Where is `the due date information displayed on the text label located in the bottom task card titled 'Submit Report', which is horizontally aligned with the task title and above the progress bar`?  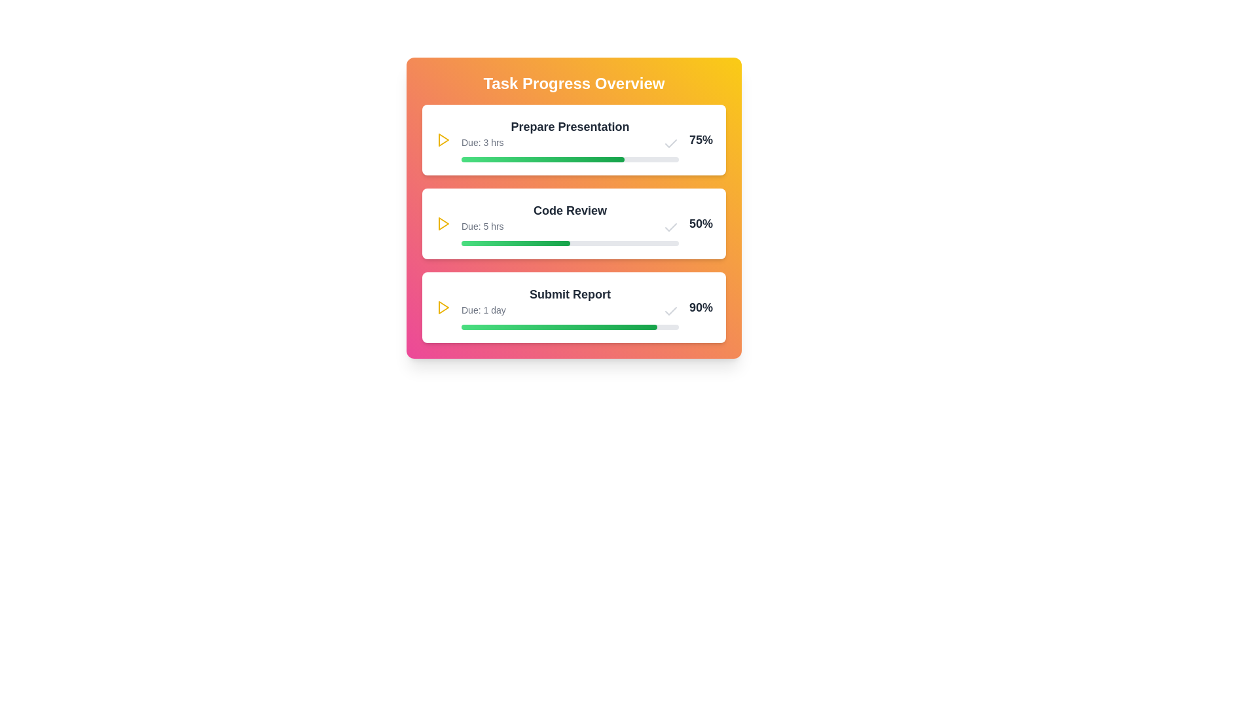
the due date information displayed on the text label located in the bottom task card titled 'Submit Report', which is horizontally aligned with the task title and above the progress bar is located at coordinates (570, 311).